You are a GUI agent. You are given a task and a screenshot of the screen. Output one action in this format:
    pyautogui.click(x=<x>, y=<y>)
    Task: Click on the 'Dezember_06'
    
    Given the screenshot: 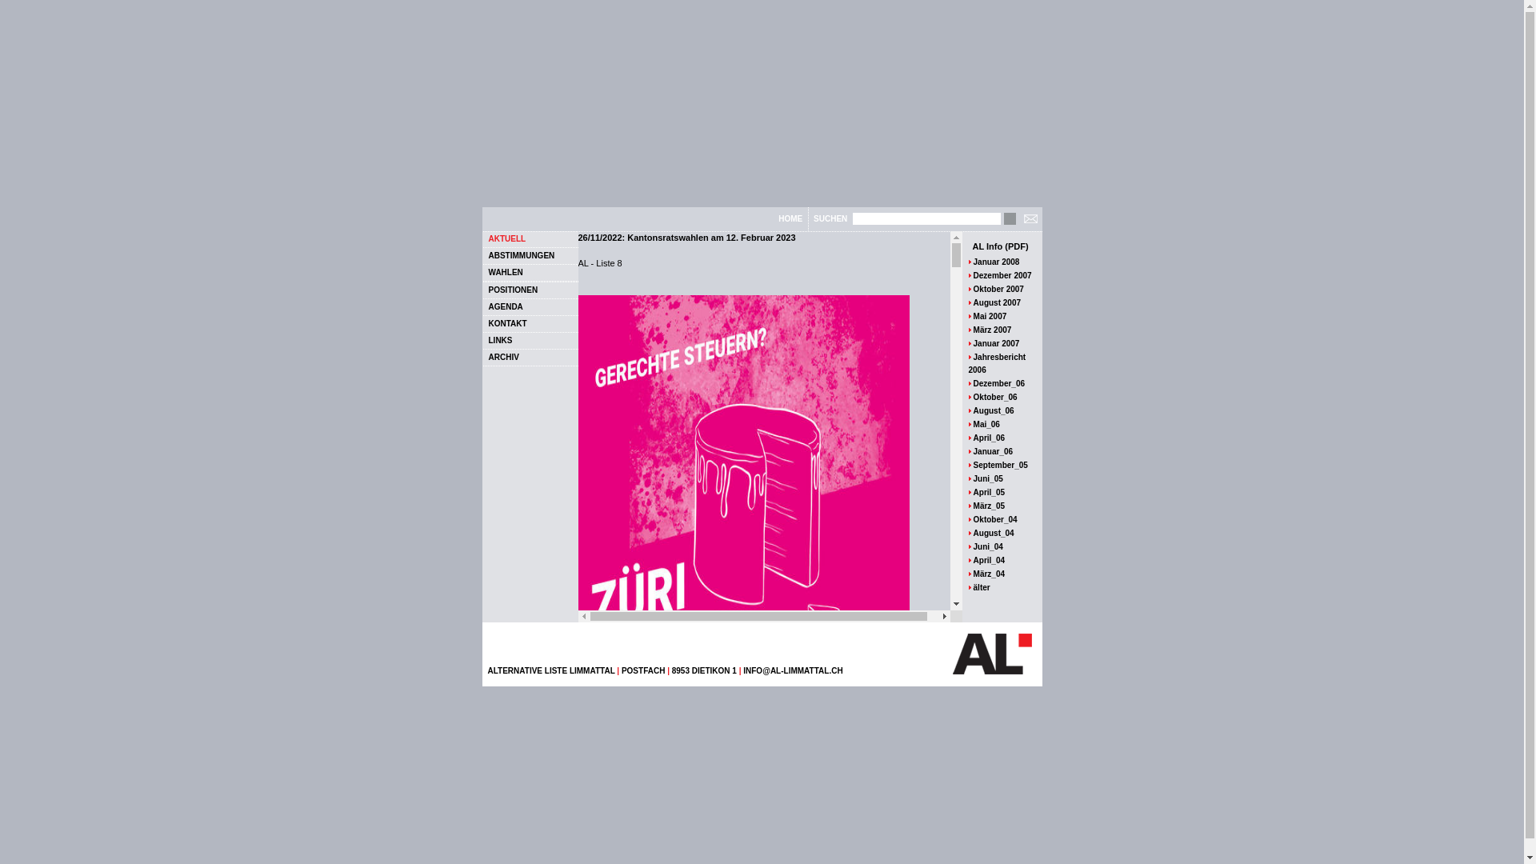 What is the action you would take?
    pyautogui.click(x=998, y=383)
    